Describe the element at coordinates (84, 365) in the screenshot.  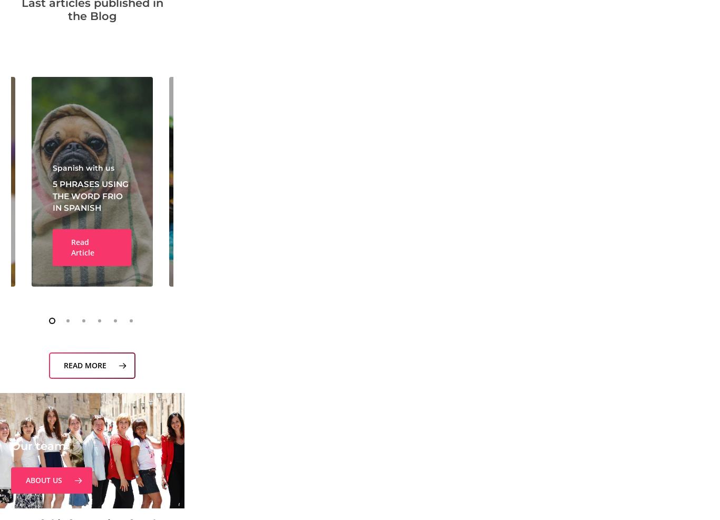
I see `'READ MORE'` at that location.